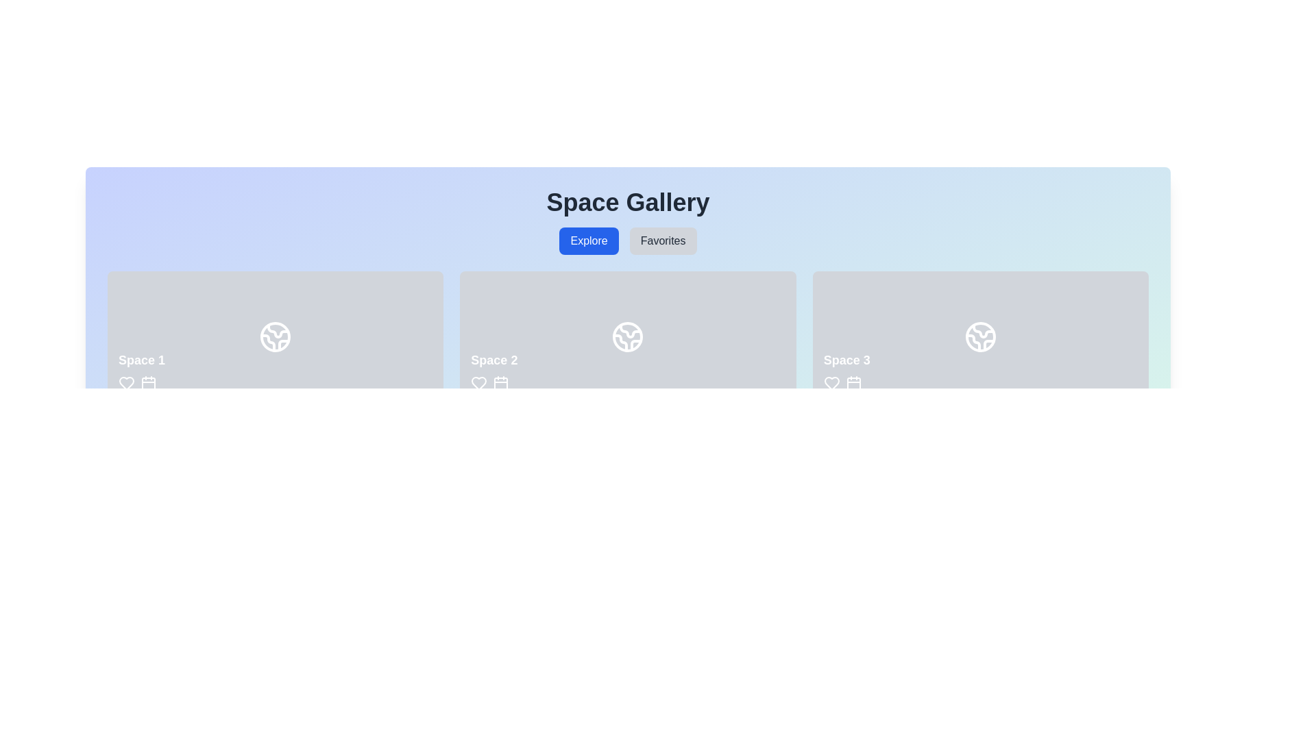 The image size is (1316, 740). I want to click on the heart icon located, so click(479, 383).